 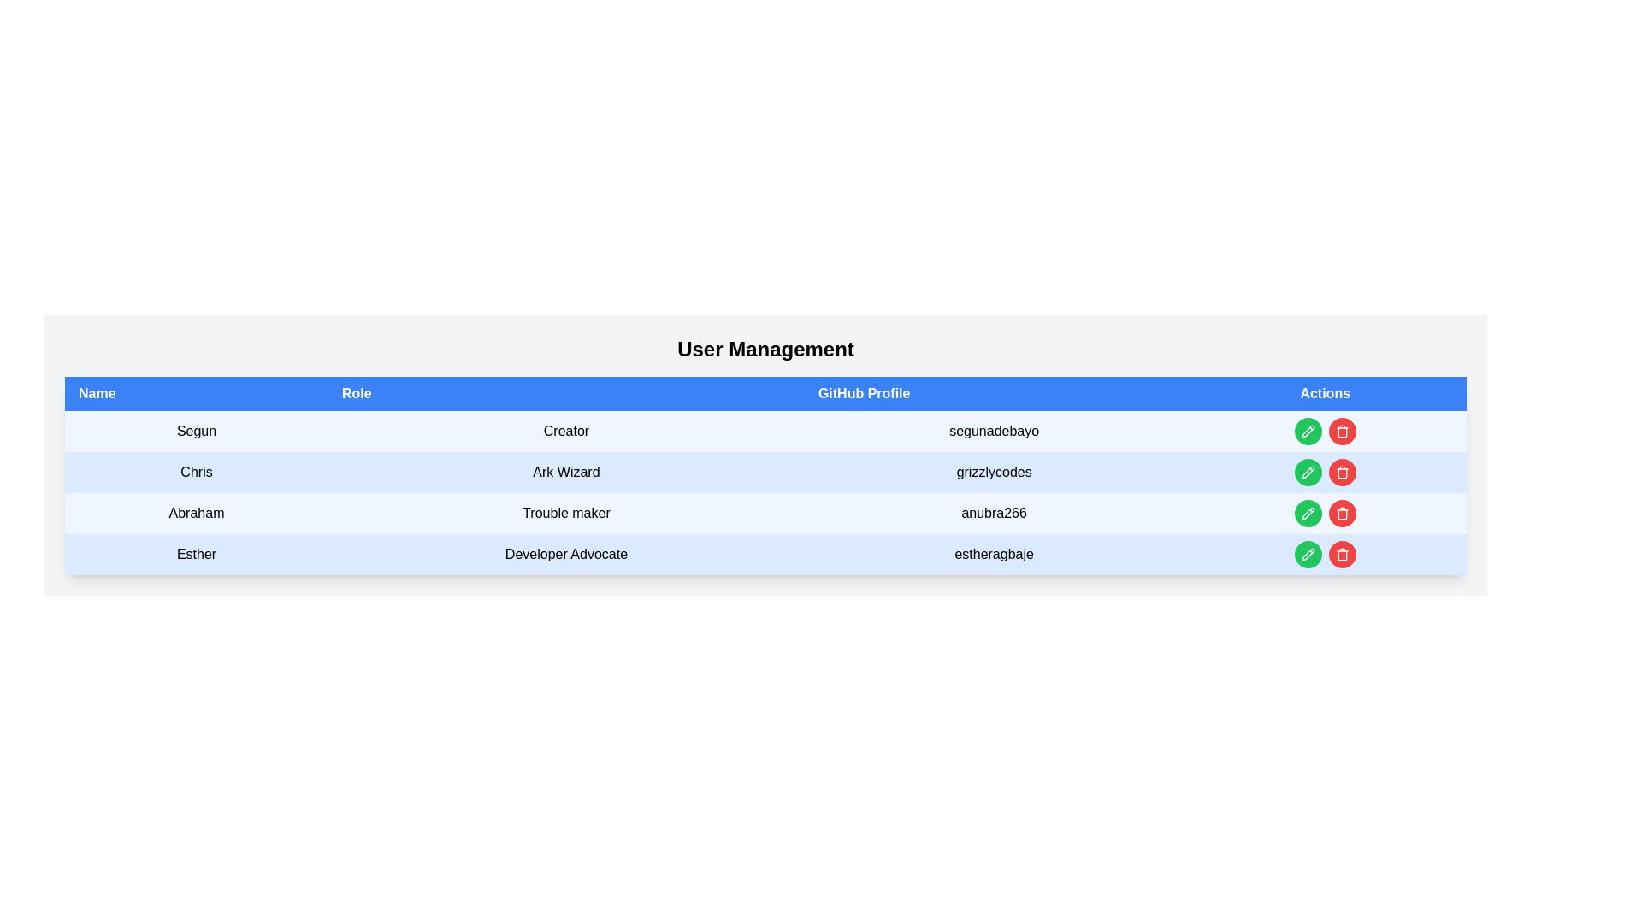 What do you see at coordinates (566, 513) in the screenshot?
I see `the static text label displaying 'Trouble maker' that is located in the second cell of the second column within a table structure` at bounding box center [566, 513].